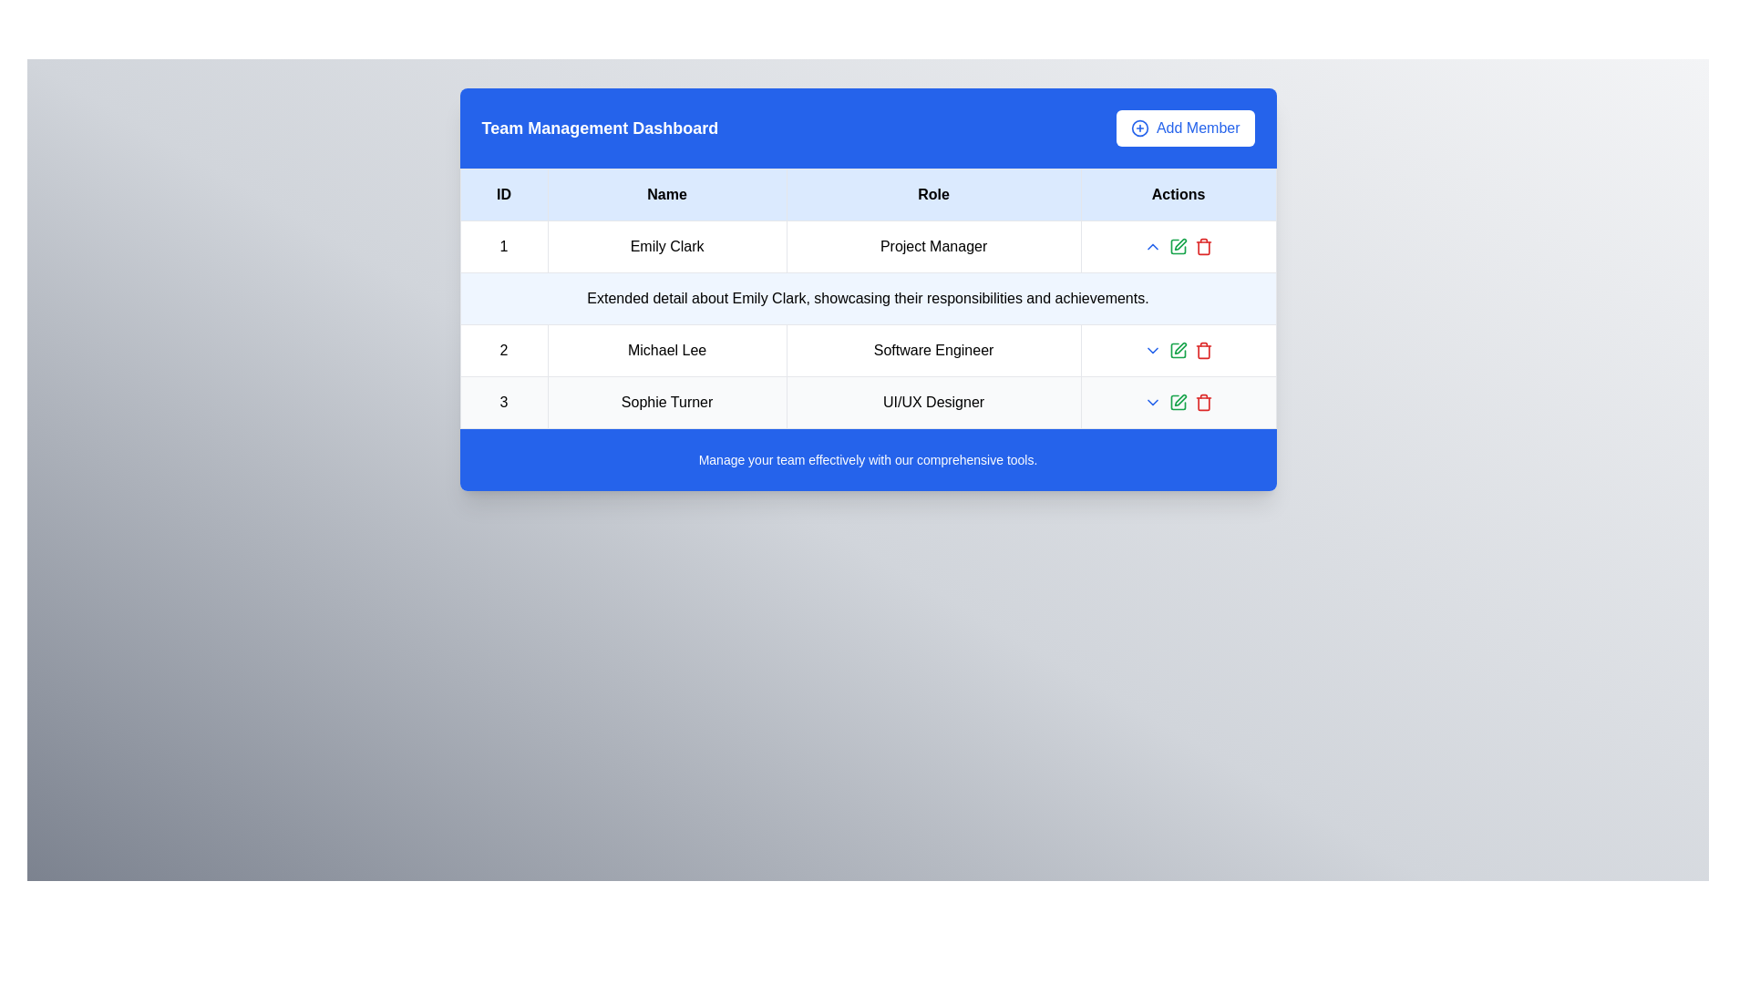  What do you see at coordinates (933, 246) in the screenshot?
I see `the text element displaying 'Project Manager' in the third column of the first visible row of the table, adjacent to 'Emily Clark'` at bounding box center [933, 246].